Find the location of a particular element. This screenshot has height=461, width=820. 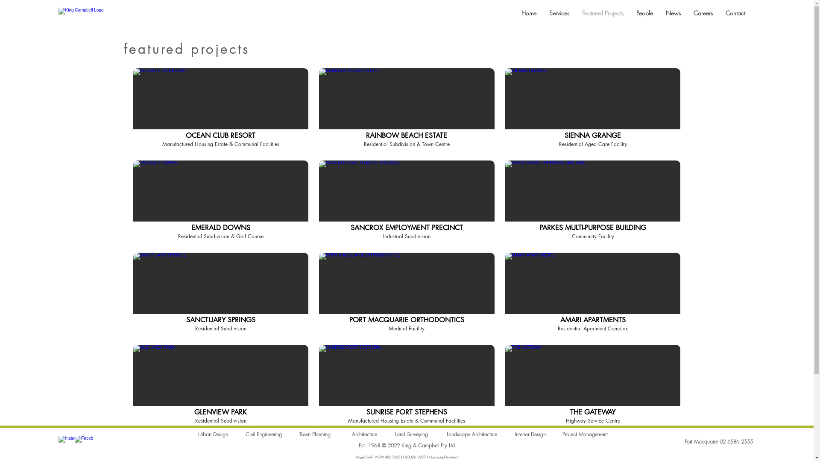

'Featured Projects' is located at coordinates (602, 13).